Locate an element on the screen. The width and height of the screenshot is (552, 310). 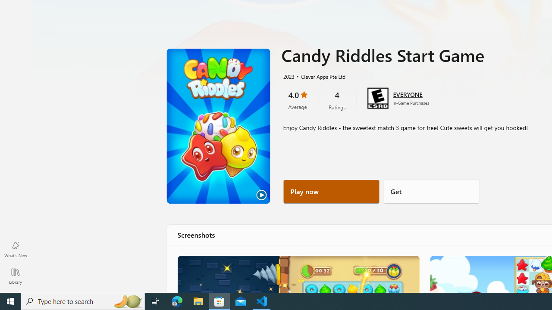
'2023' is located at coordinates (288, 76).